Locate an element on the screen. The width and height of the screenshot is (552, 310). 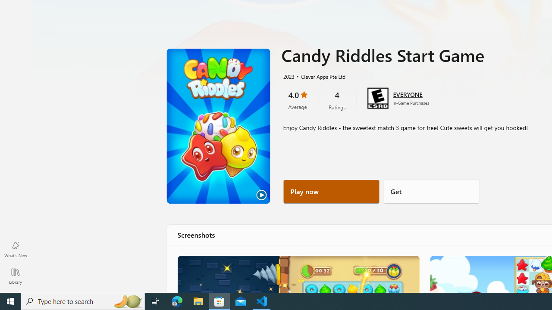
'2023' is located at coordinates (288, 76).